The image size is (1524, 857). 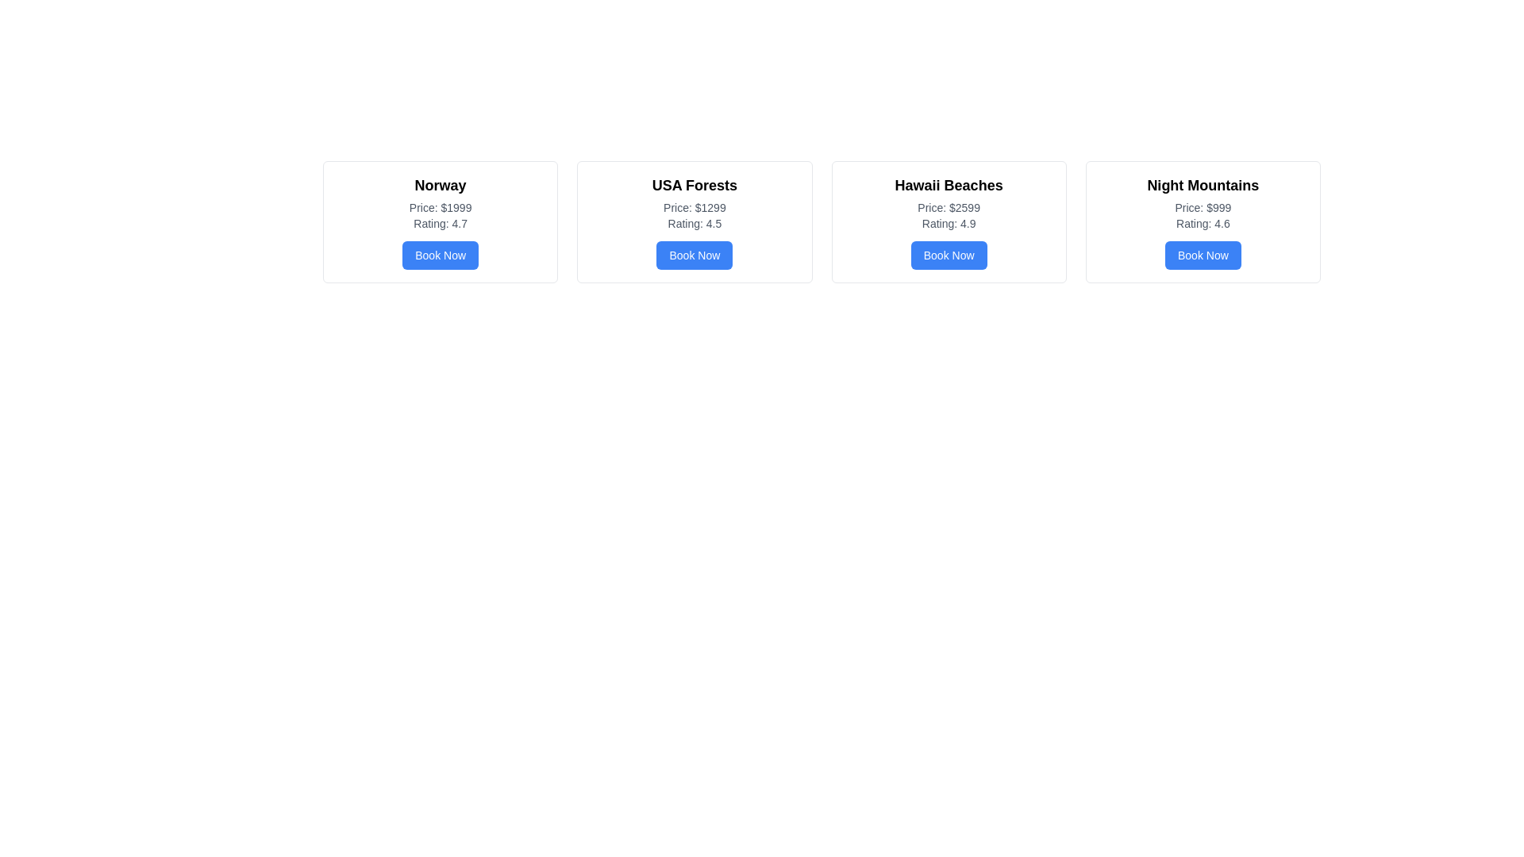 What do you see at coordinates (441, 222) in the screenshot?
I see `details displayed on the booking selection card for Norway, which is located at the top-left corner of the grid layout` at bounding box center [441, 222].